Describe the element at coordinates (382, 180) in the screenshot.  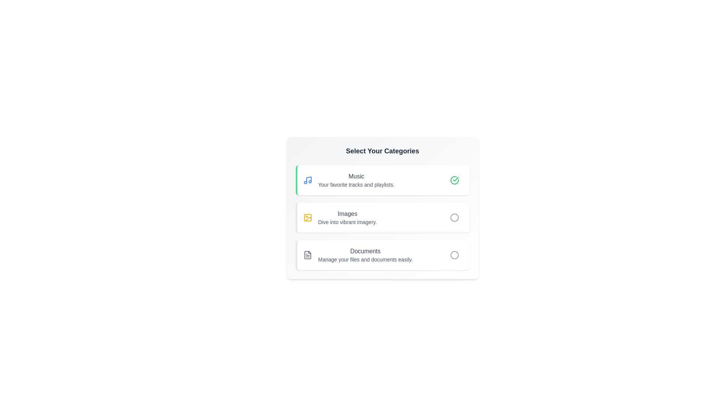
I see `the category Music` at that location.